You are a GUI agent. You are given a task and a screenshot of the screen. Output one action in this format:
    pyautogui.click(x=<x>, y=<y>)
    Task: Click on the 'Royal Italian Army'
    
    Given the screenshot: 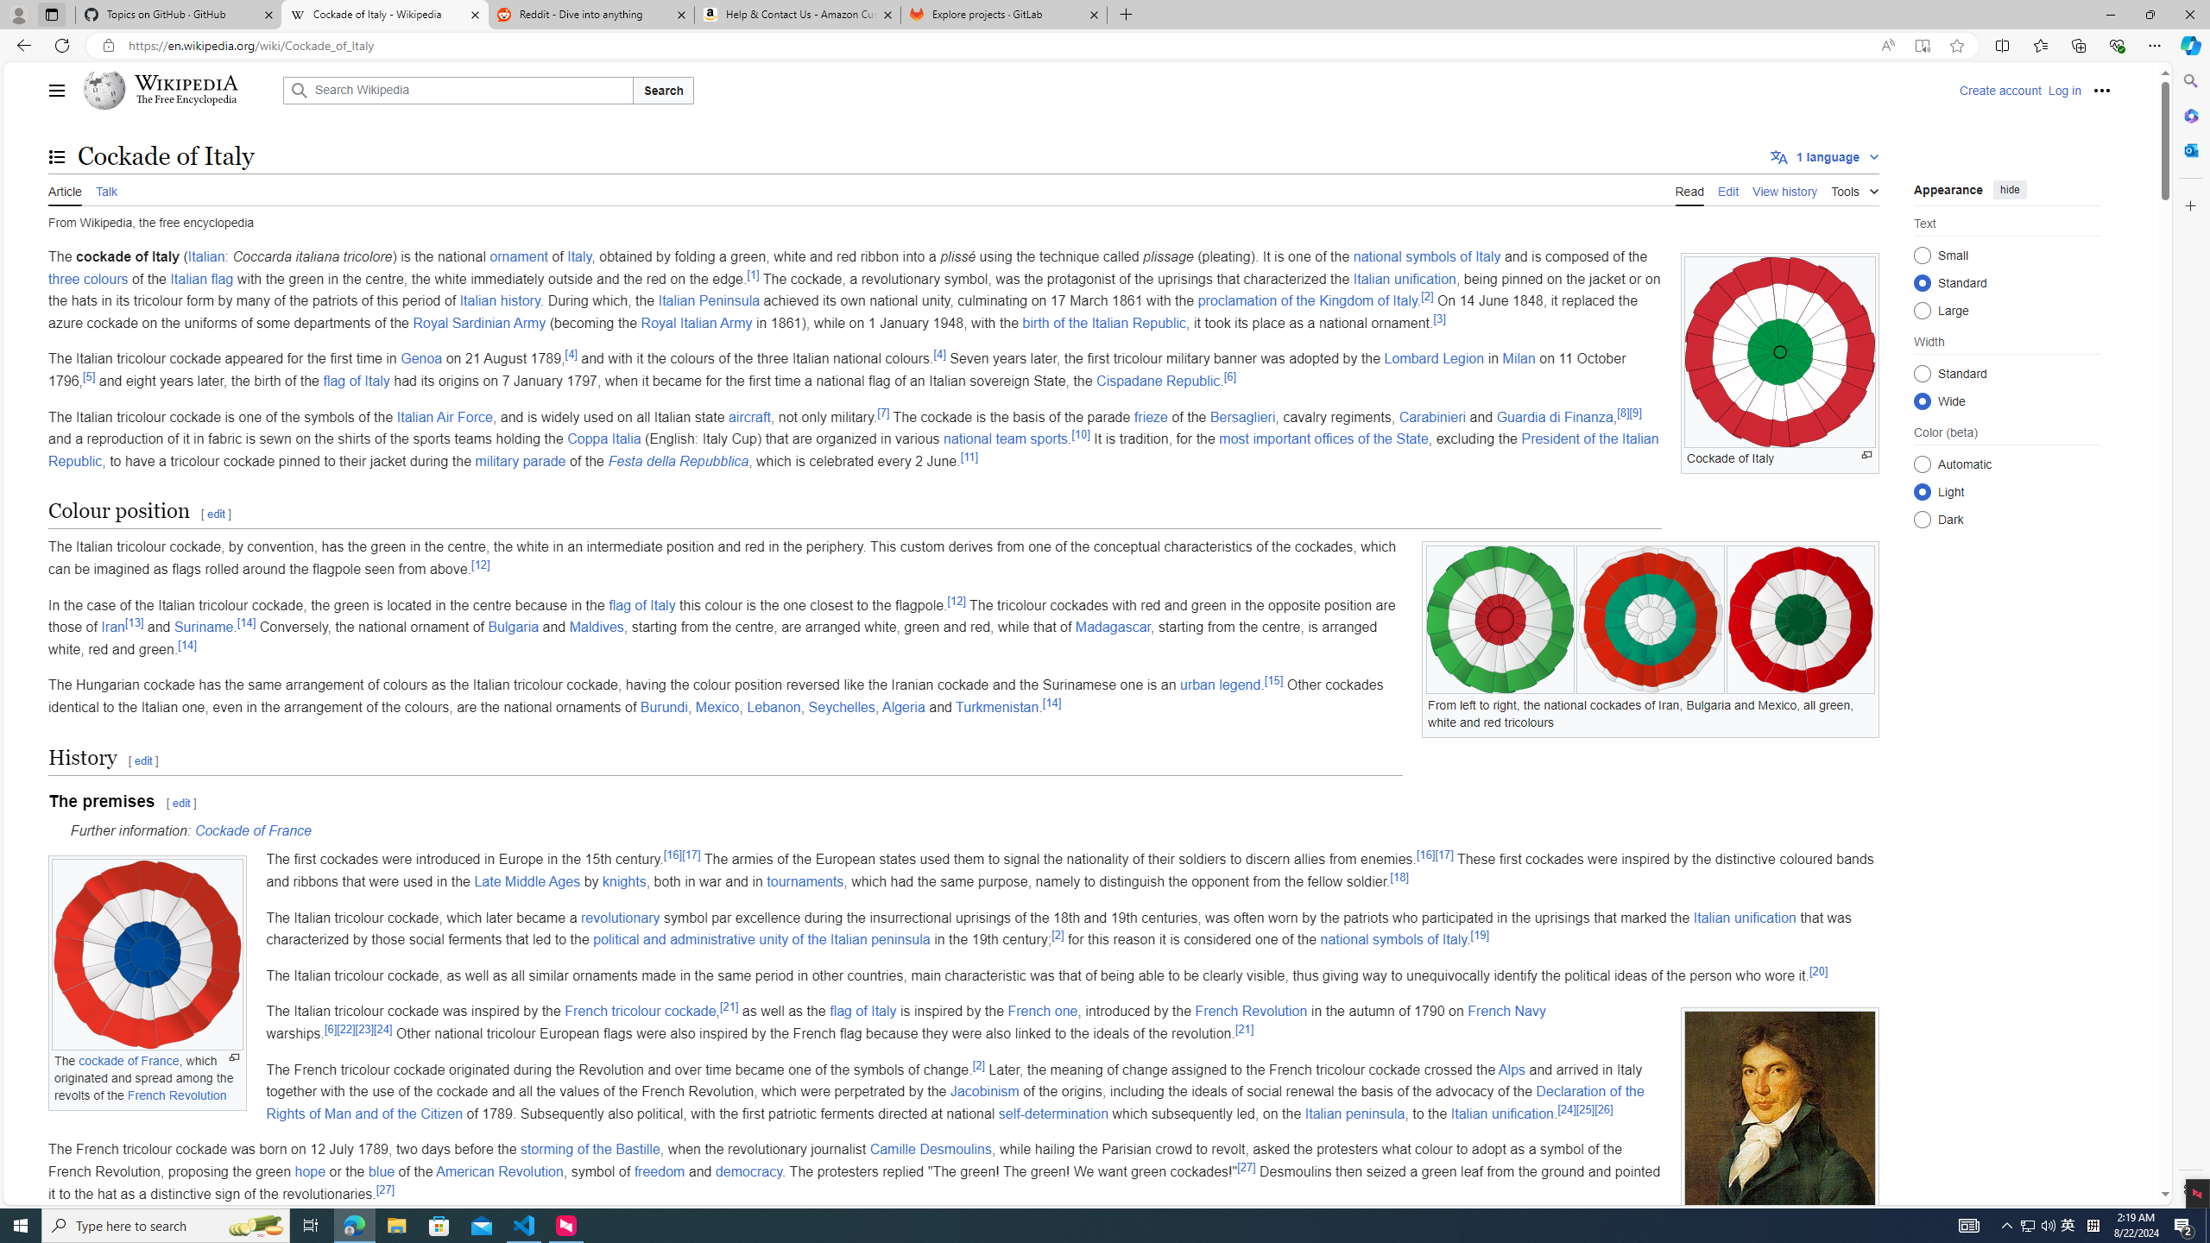 What is the action you would take?
    pyautogui.click(x=697, y=321)
    